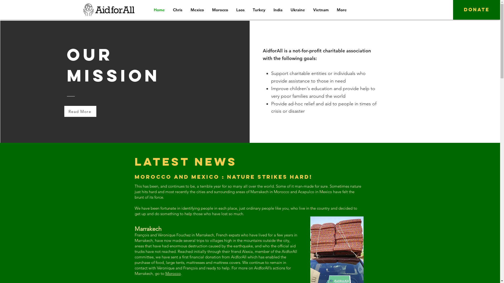  Describe the element at coordinates (159, 10) in the screenshot. I see `'Home'` at that location.